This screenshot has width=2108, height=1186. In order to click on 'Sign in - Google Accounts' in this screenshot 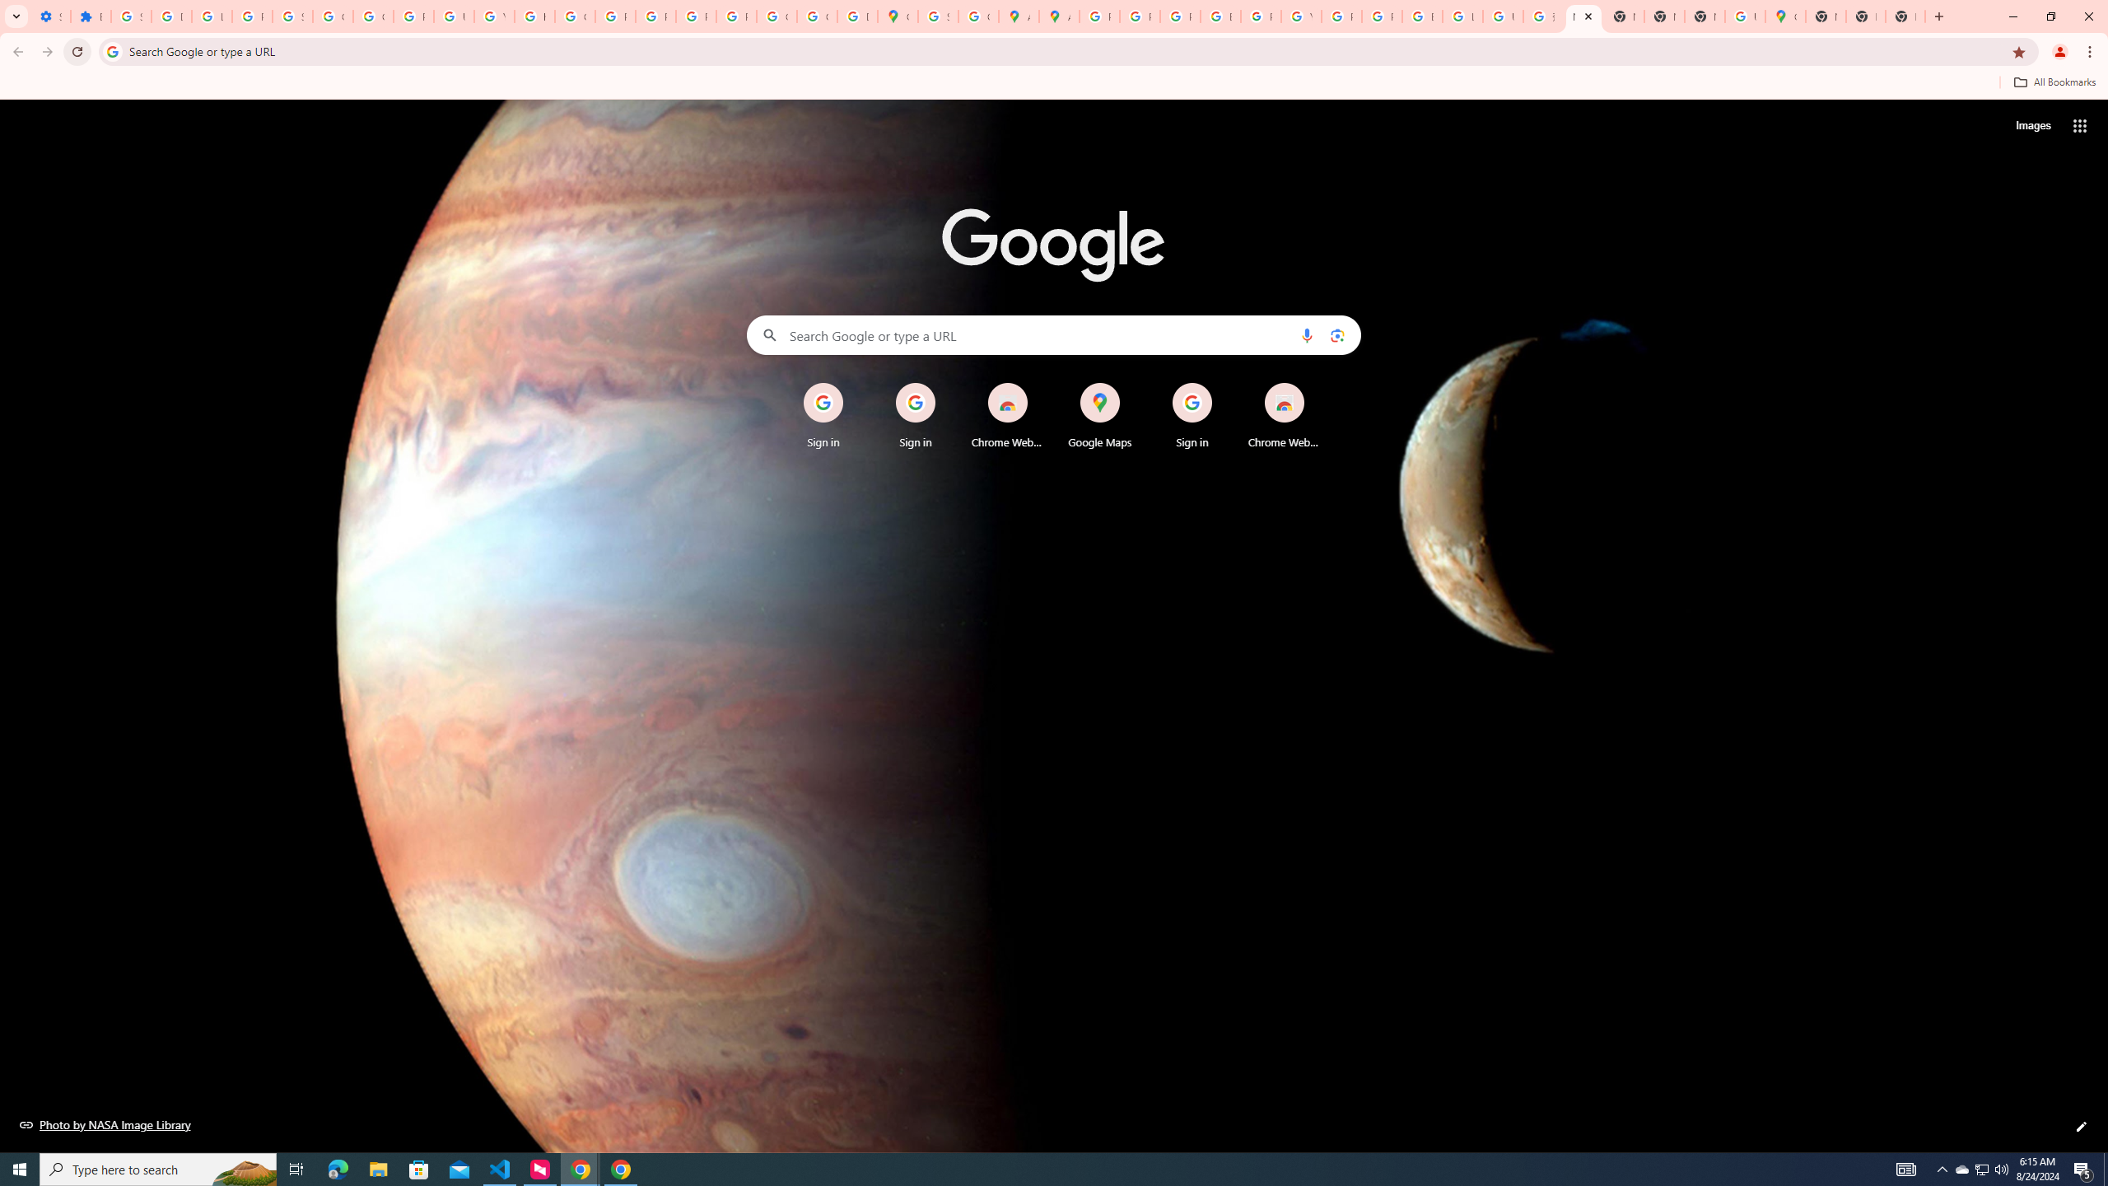, I will do `click(291, 16)`.